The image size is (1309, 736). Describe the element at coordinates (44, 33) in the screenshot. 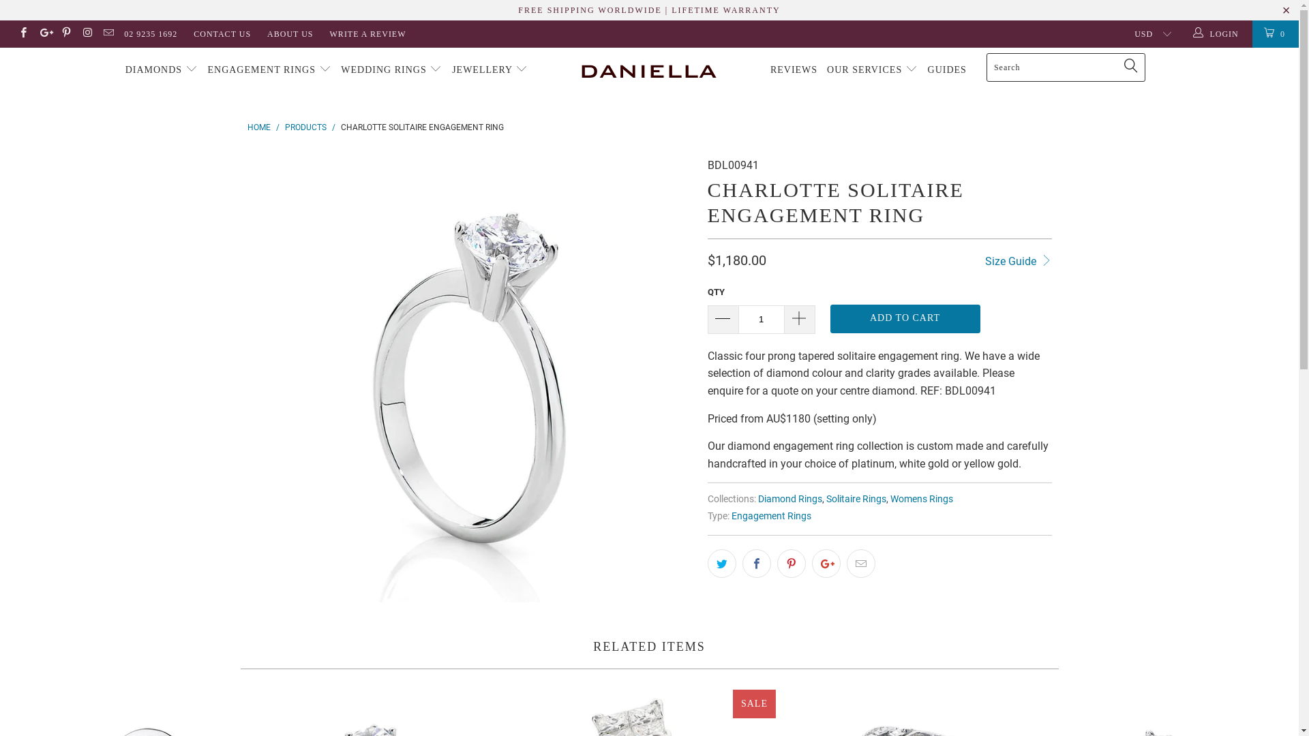

I see `'Daniella Jewellers on Google+'` at that location.